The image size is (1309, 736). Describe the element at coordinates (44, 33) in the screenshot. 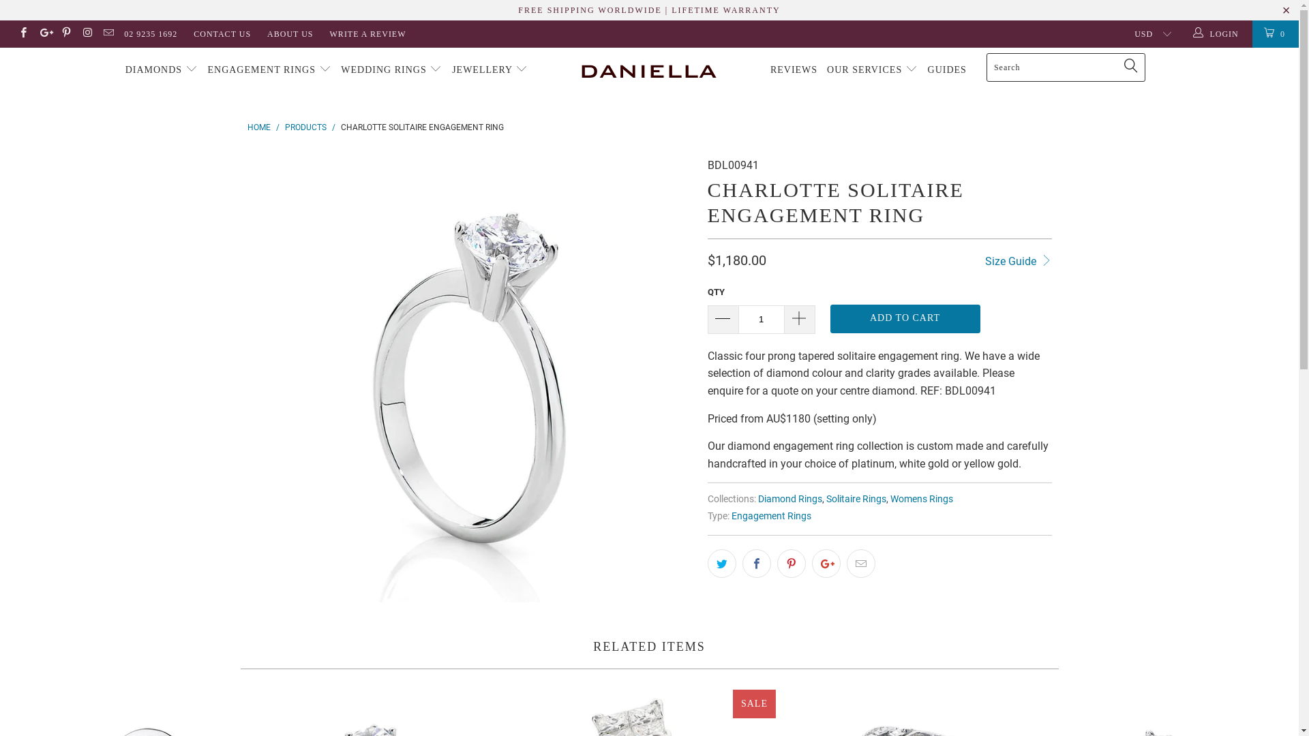

I see `'Daniella Jewellers on Google+'` at that location.